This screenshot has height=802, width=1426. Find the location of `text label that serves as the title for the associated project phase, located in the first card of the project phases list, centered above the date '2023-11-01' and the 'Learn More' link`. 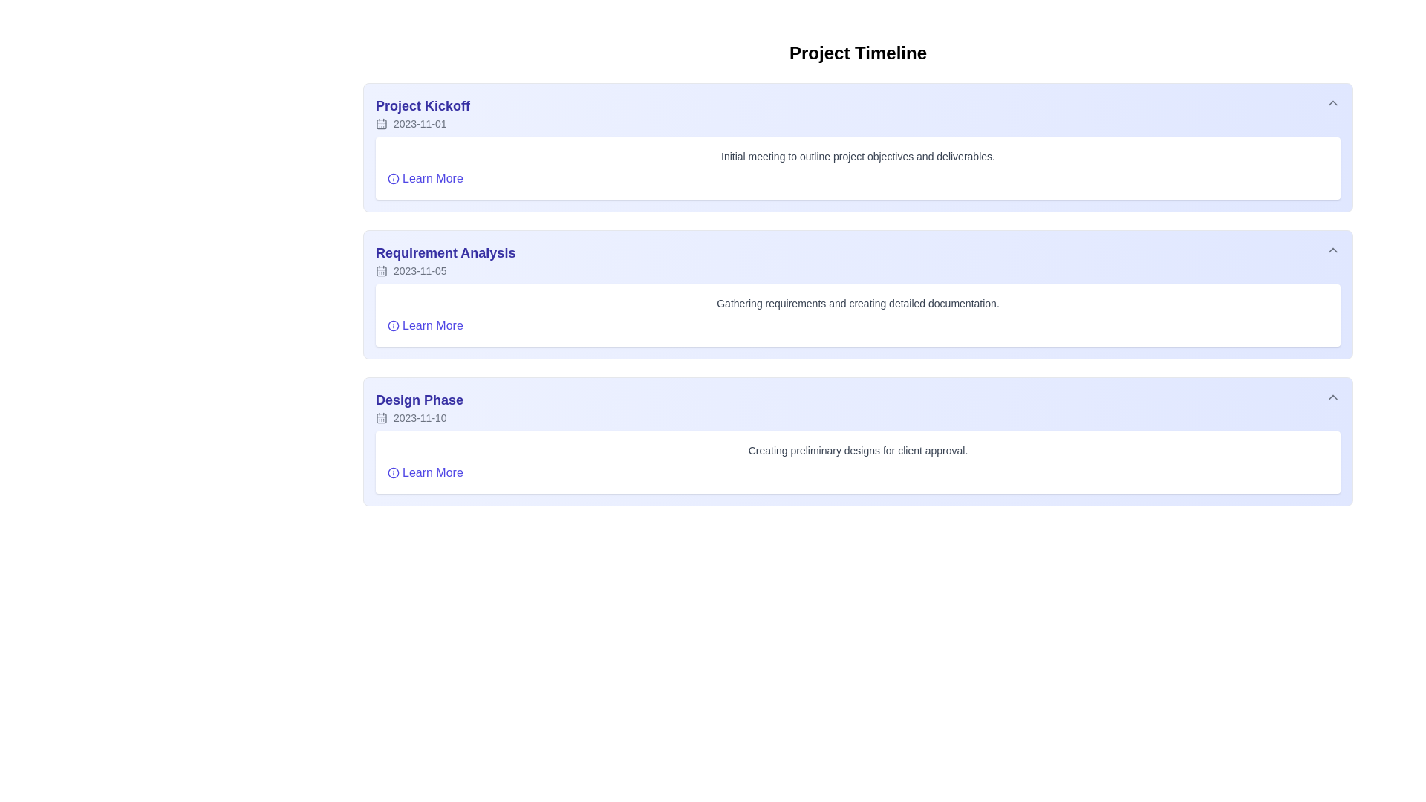

text label that serves as the title for the associated project phase, located in the first card of the project phases list, centered above the date '2023-11-01' and the 'Learn More' link is located at coordinates (422, 105).